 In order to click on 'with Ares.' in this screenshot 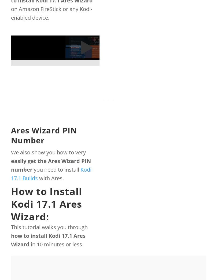, I will do `click(50, 178)`.